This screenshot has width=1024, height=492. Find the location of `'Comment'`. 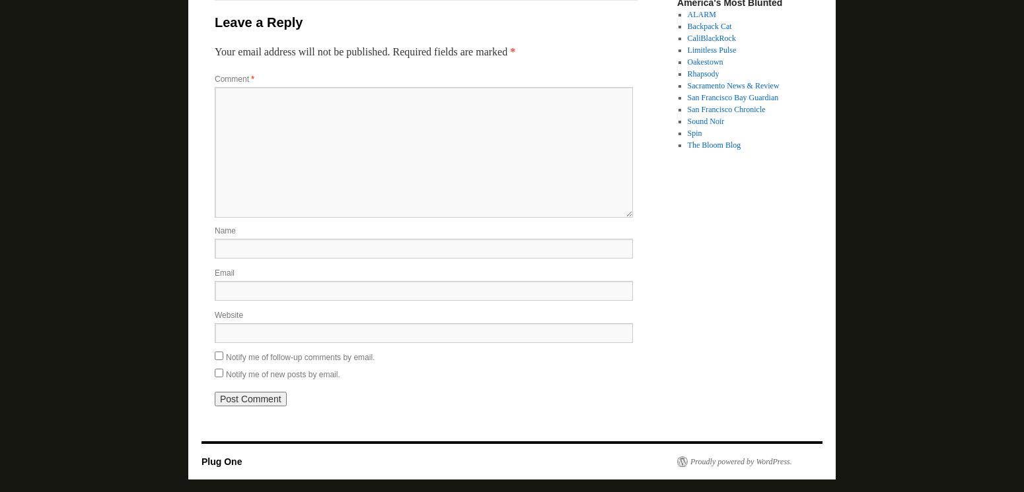

'Comment' is located at coordinates (232, 78).